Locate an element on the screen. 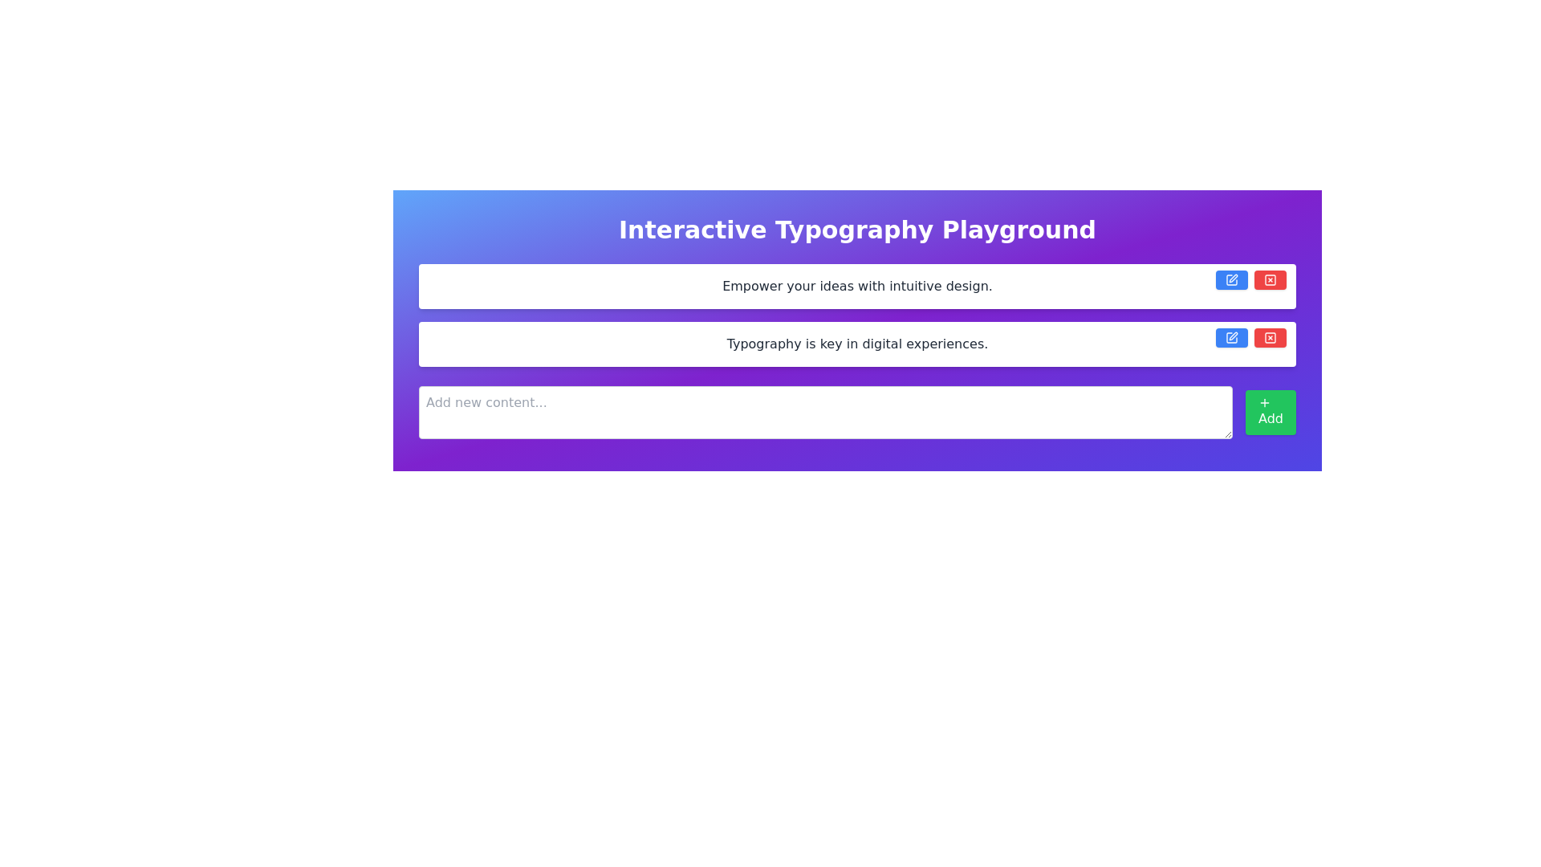 This screenshot has width=1541, height=867. the rightmost button icon located at the right end of a text box in the middle section of the interface is located at coordinates (1270, 336).